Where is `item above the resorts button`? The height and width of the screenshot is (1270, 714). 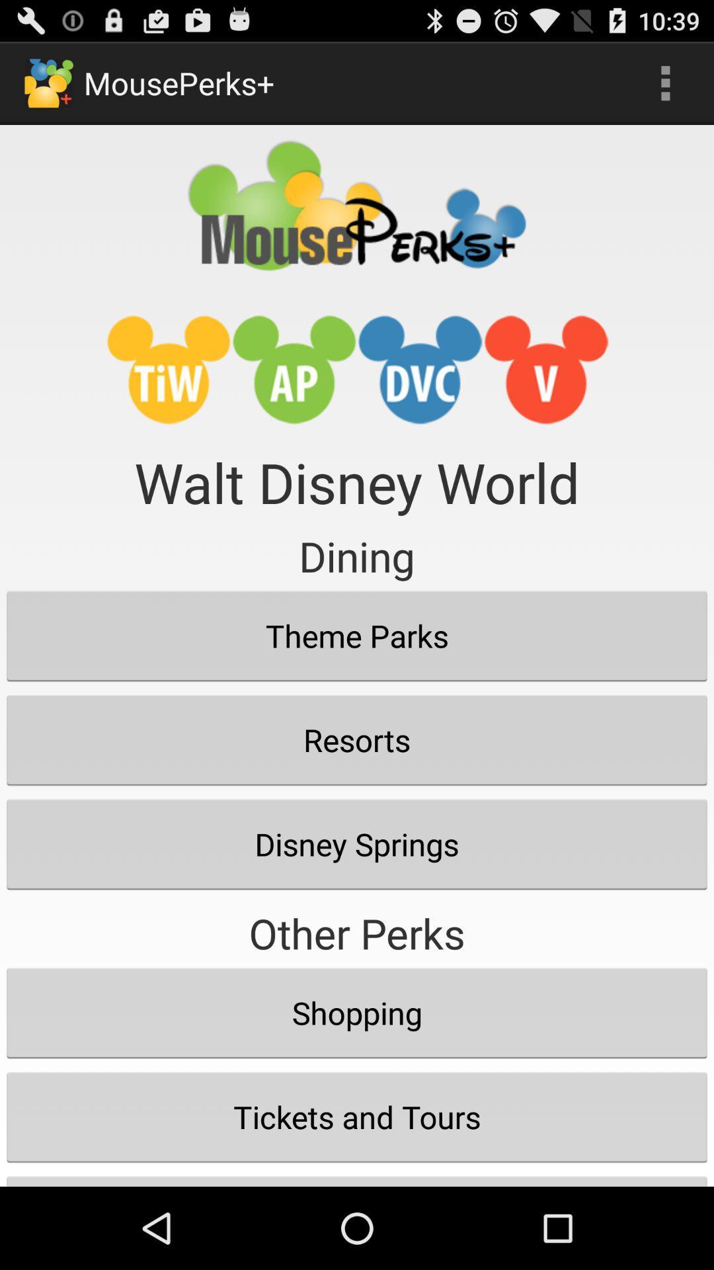 item above the resorts button is located at coordinates (357, 636).